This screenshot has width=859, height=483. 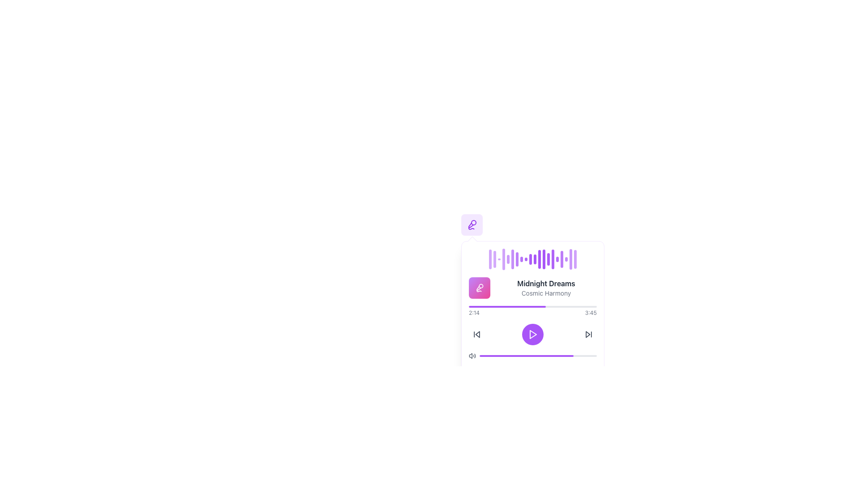 I want to click on the progress, so click(x=561, y=355).